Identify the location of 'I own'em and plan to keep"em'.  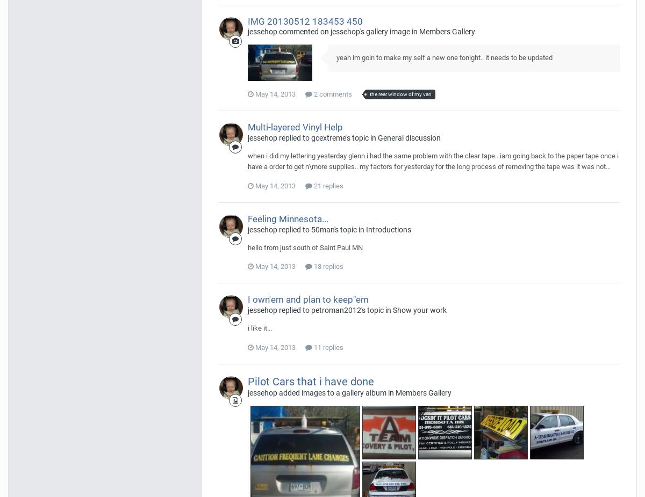
(307, 299).